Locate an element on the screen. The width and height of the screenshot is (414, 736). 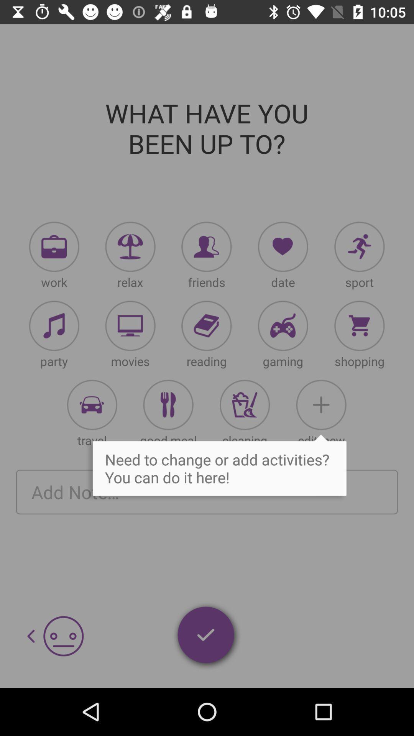
ok/ enter icon is located at coordinates (206, 636).